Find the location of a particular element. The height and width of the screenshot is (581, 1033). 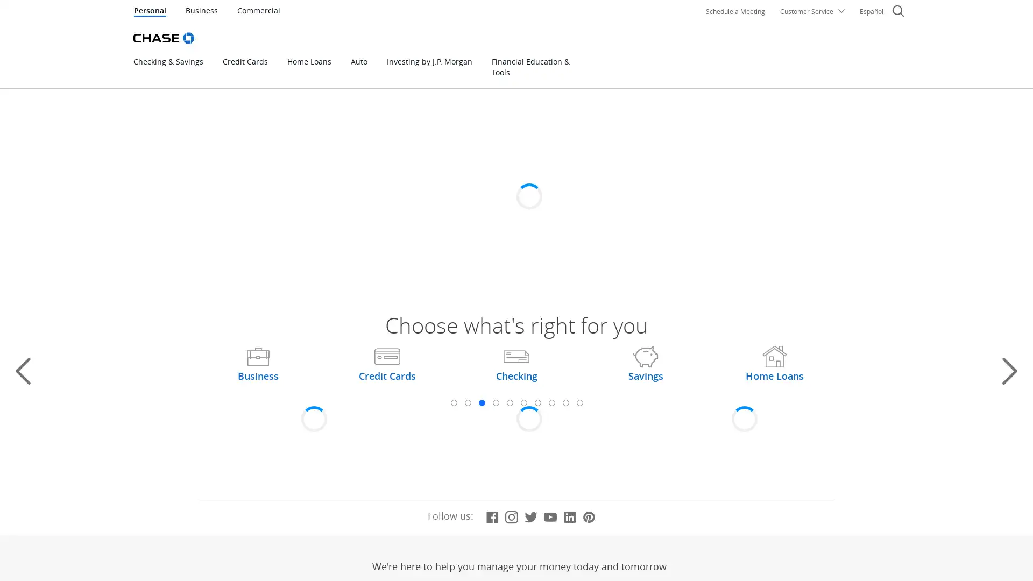

Sign in is located at coordinates (742, 186).